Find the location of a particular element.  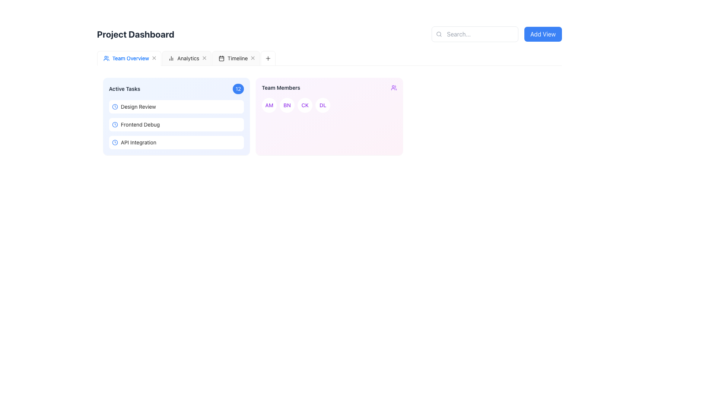

the tab control button with a plus icon is located at coordinates (105, 58).